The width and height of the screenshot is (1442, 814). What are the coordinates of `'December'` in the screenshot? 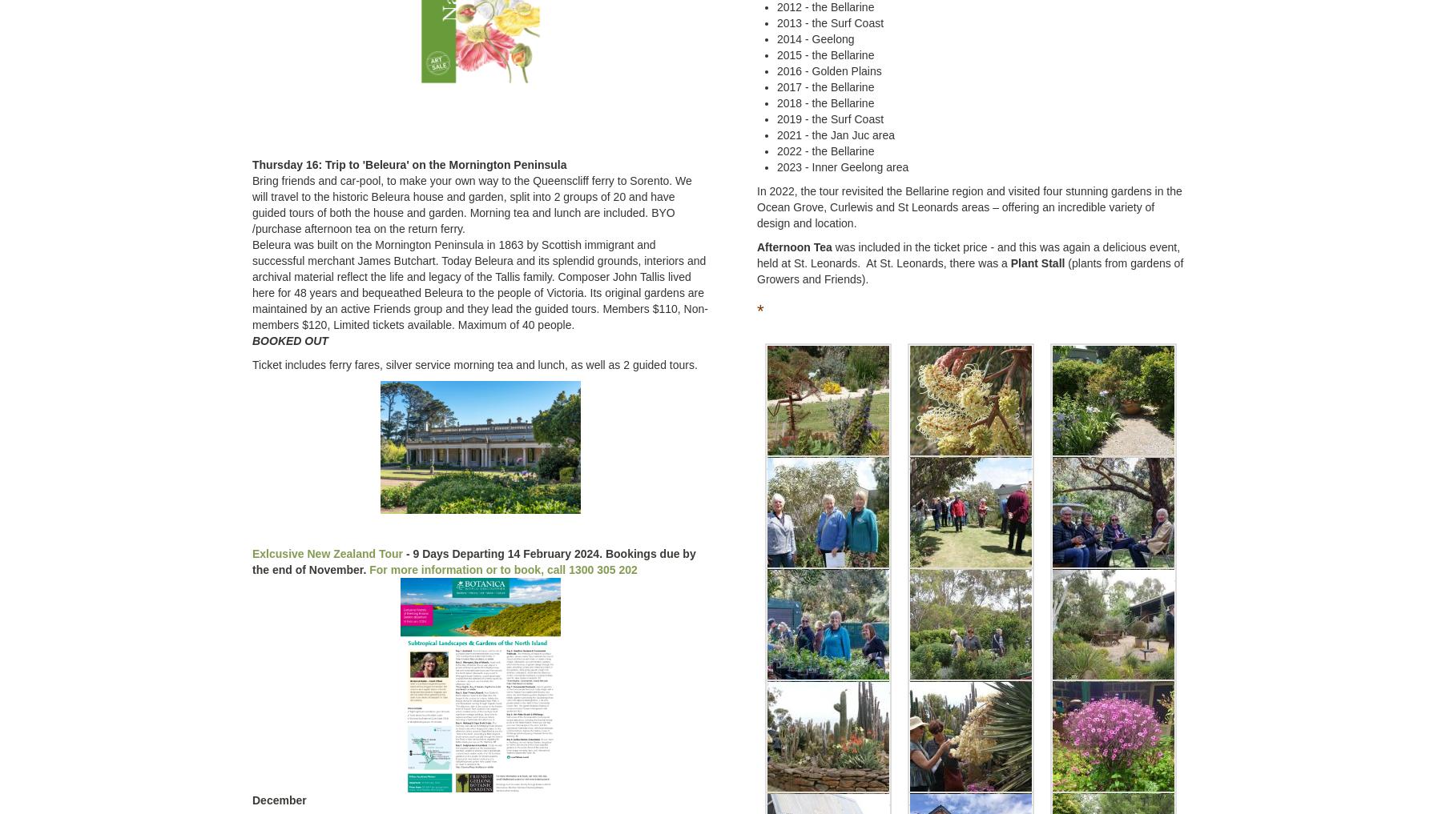 It's located at (279, 799).